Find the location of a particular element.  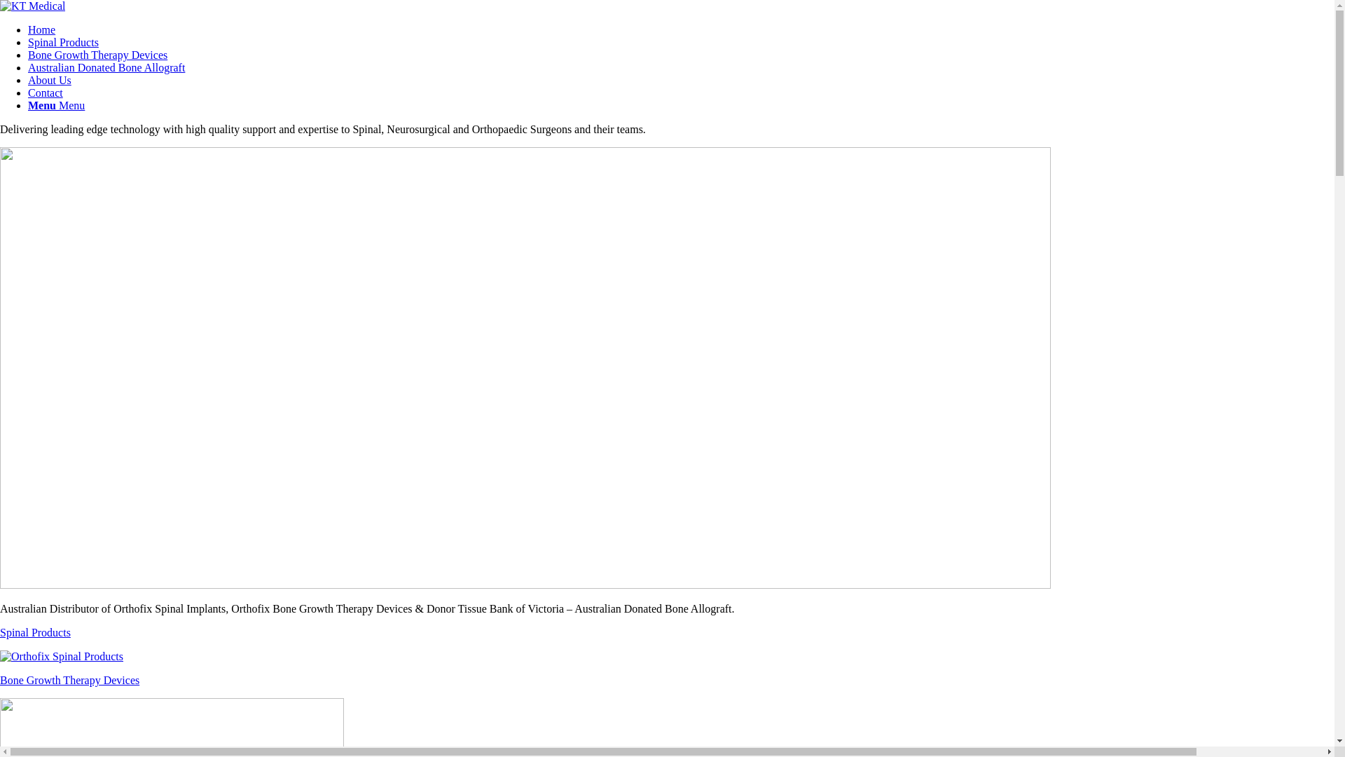

'About Us' is located at coordinates (27, 80).